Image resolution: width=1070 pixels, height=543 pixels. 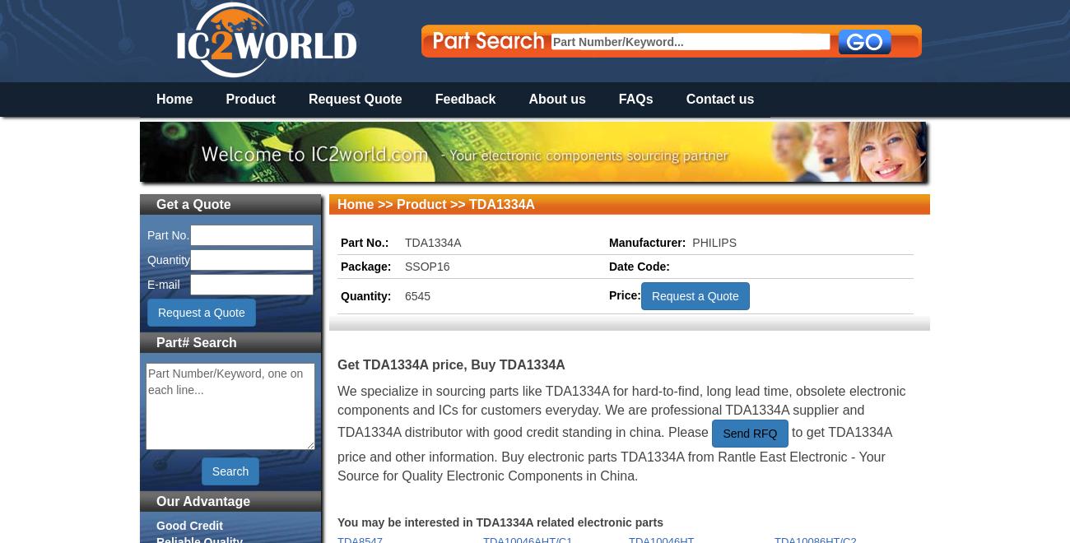 I want to click on 'Manufacturer:', so click(x=646, y=242).